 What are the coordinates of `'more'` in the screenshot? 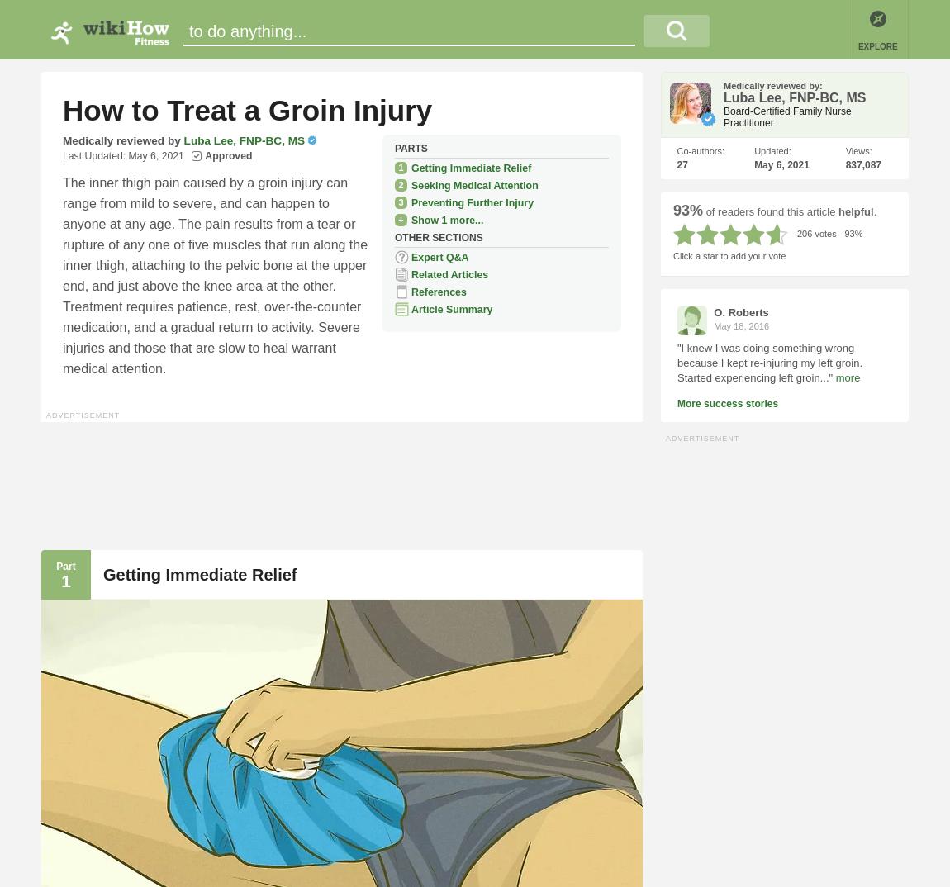 It's located at (848, 376).